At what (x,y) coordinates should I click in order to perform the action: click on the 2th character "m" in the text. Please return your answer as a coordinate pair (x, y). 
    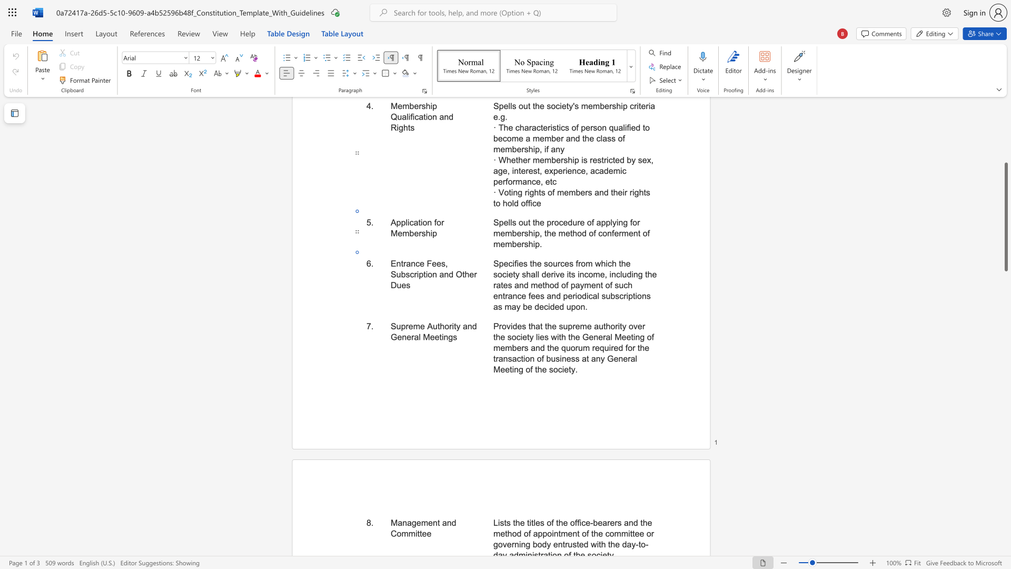
    Looking at the image, I should click on (496, 348).